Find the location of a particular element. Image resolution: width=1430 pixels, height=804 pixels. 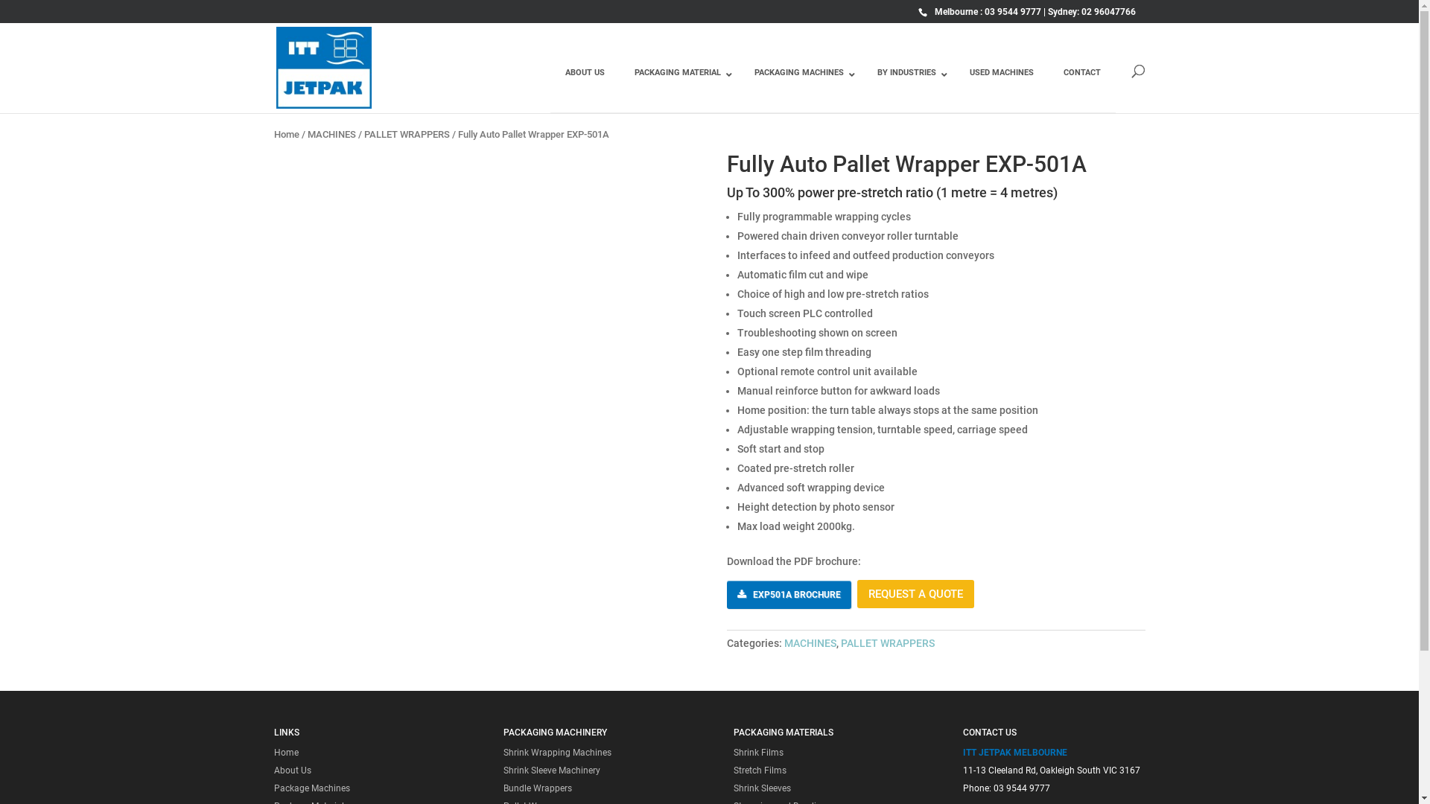

'Shrink Wrapping Machines' is located at coordinates (556, 752).